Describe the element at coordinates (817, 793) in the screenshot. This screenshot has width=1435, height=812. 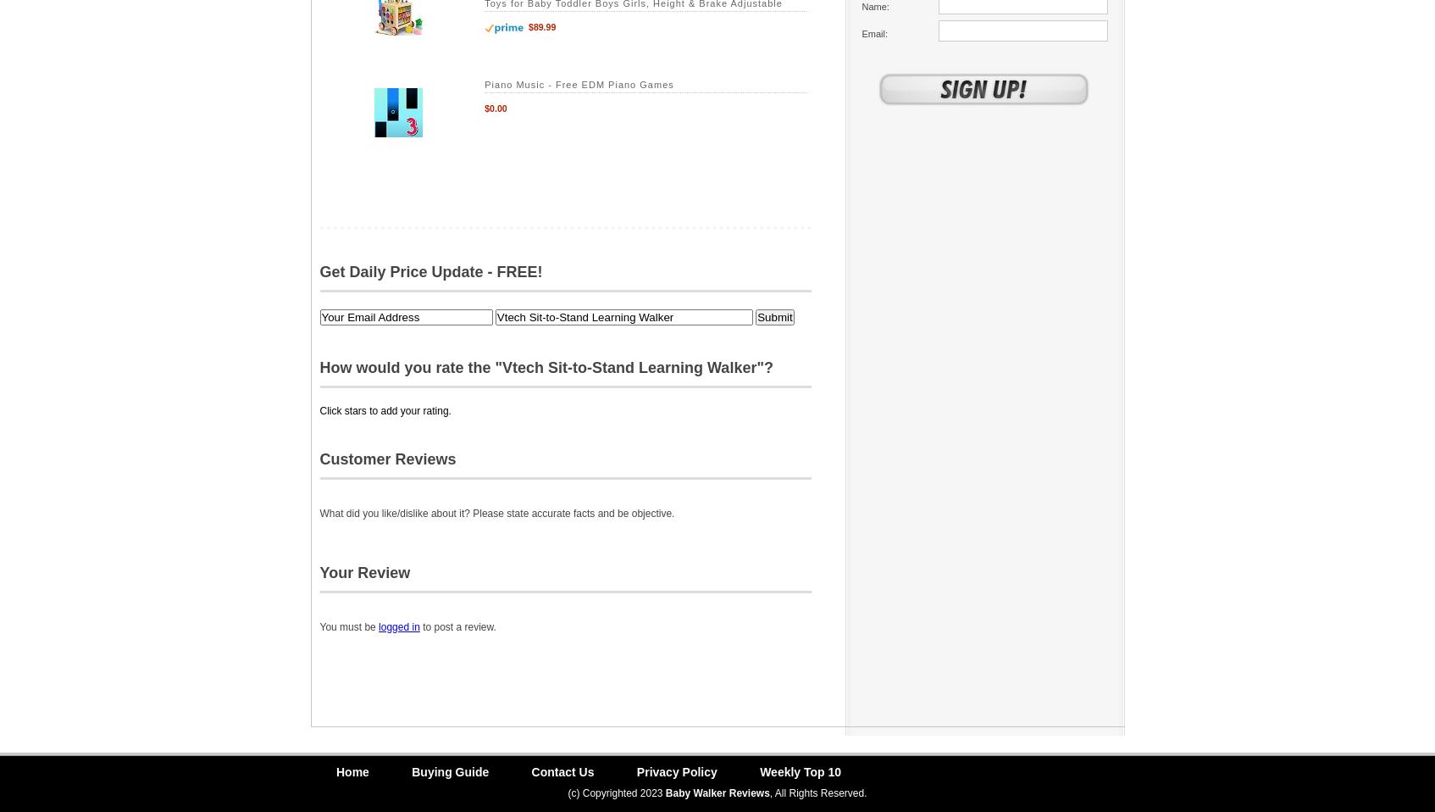
I see `', All Rights Reserved.'` at that location.